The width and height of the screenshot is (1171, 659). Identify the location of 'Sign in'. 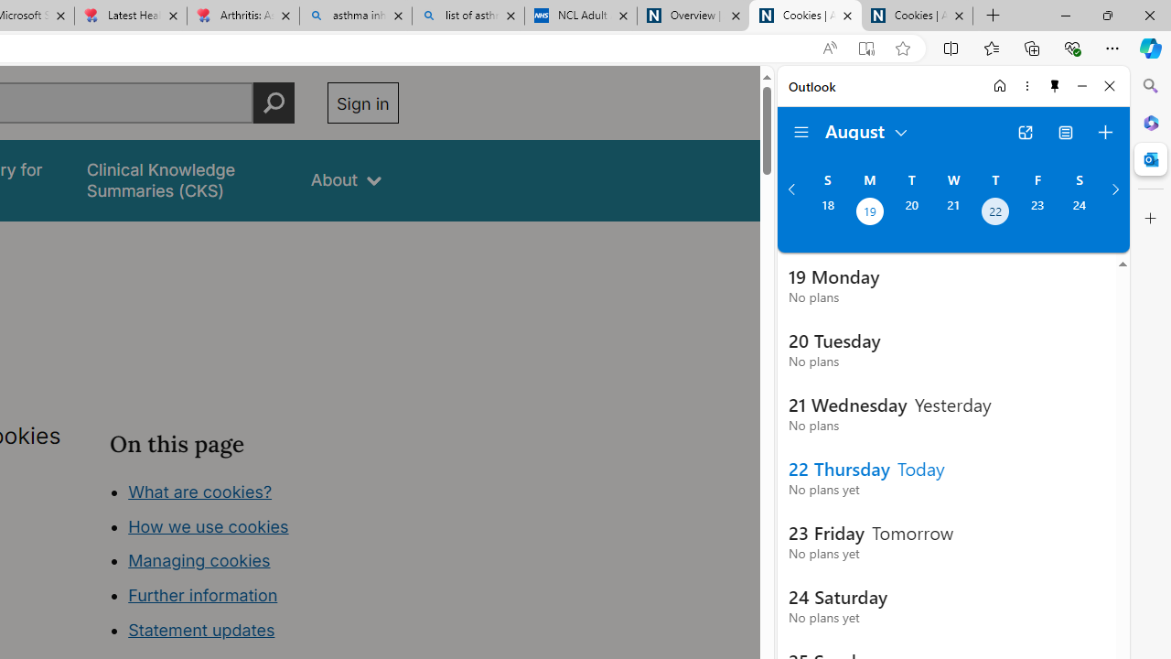
(362, 103).